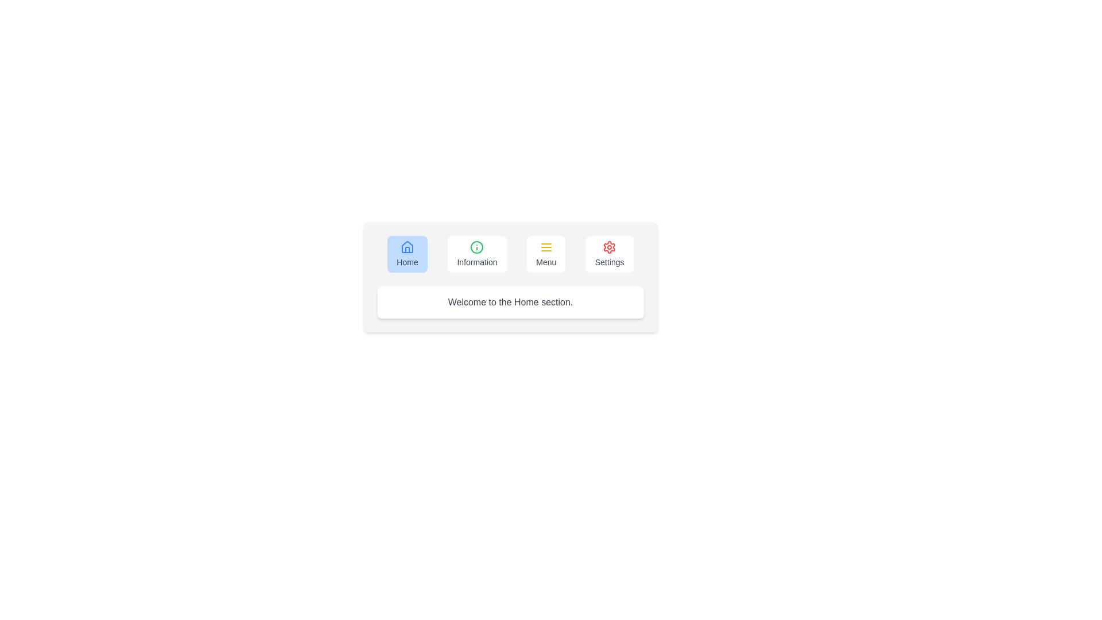  I want to click on the 'Information' button, which is a rectangular button with a white background and a green circular icon with an 'i' above the label 'Information' in dark gray text, located second in a row of four buttons aligned horizontally, so click(477, 254).